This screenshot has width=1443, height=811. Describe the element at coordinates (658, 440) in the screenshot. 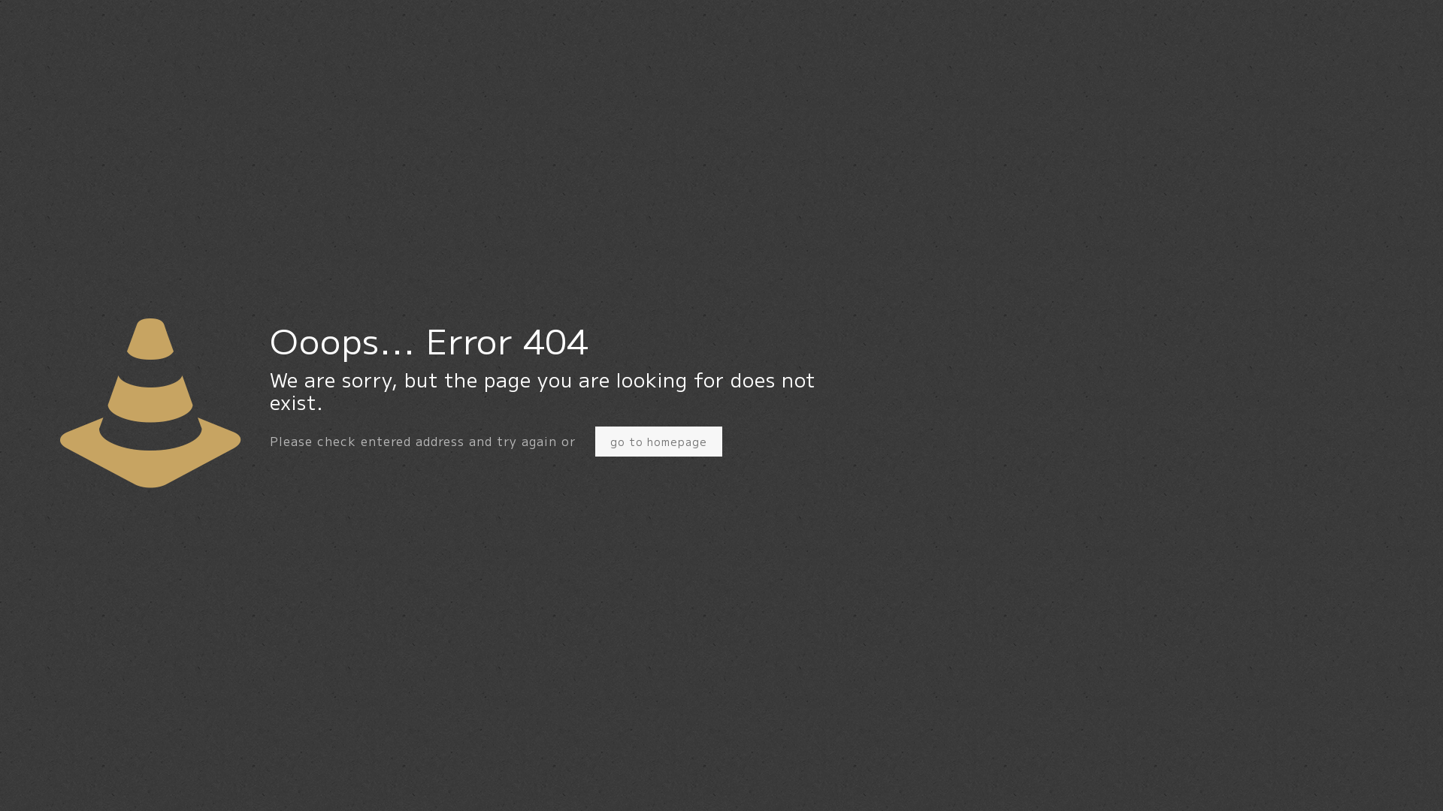

I see `'go to homepage'` at that location.